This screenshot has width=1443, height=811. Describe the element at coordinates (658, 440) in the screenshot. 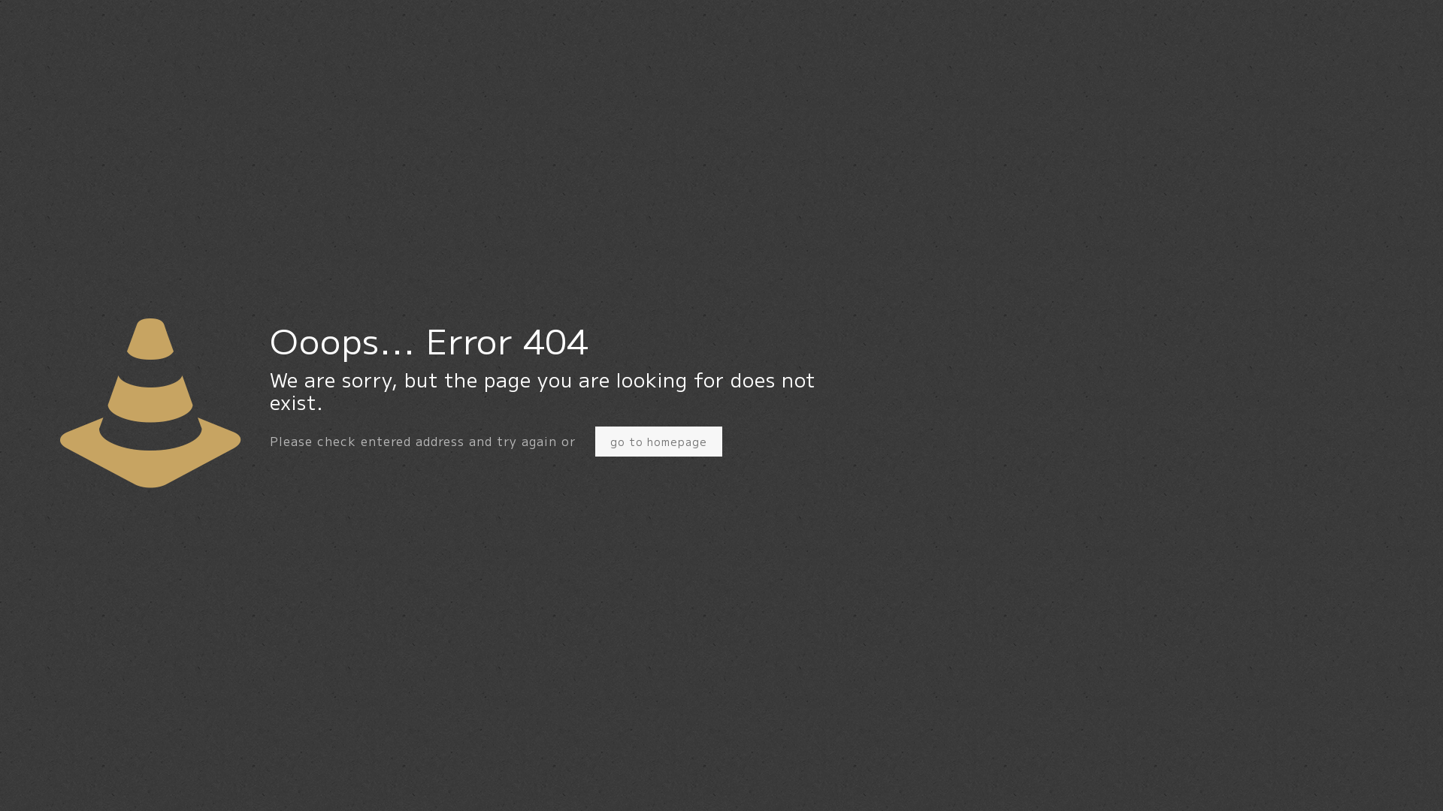

I see `'go to homepage'` at that location.